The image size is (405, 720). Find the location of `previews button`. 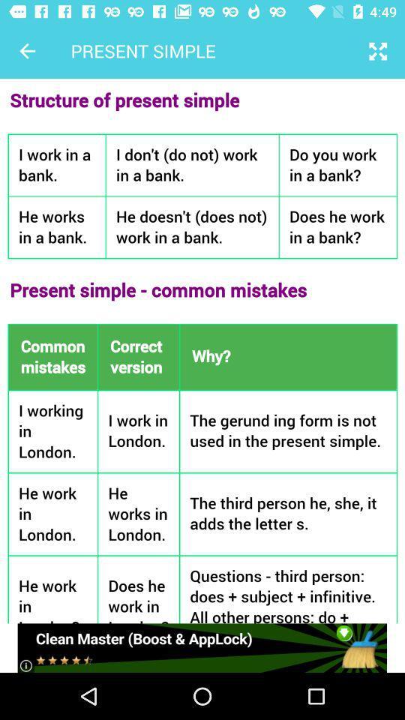

previews button is located at coordinates (27, 51).